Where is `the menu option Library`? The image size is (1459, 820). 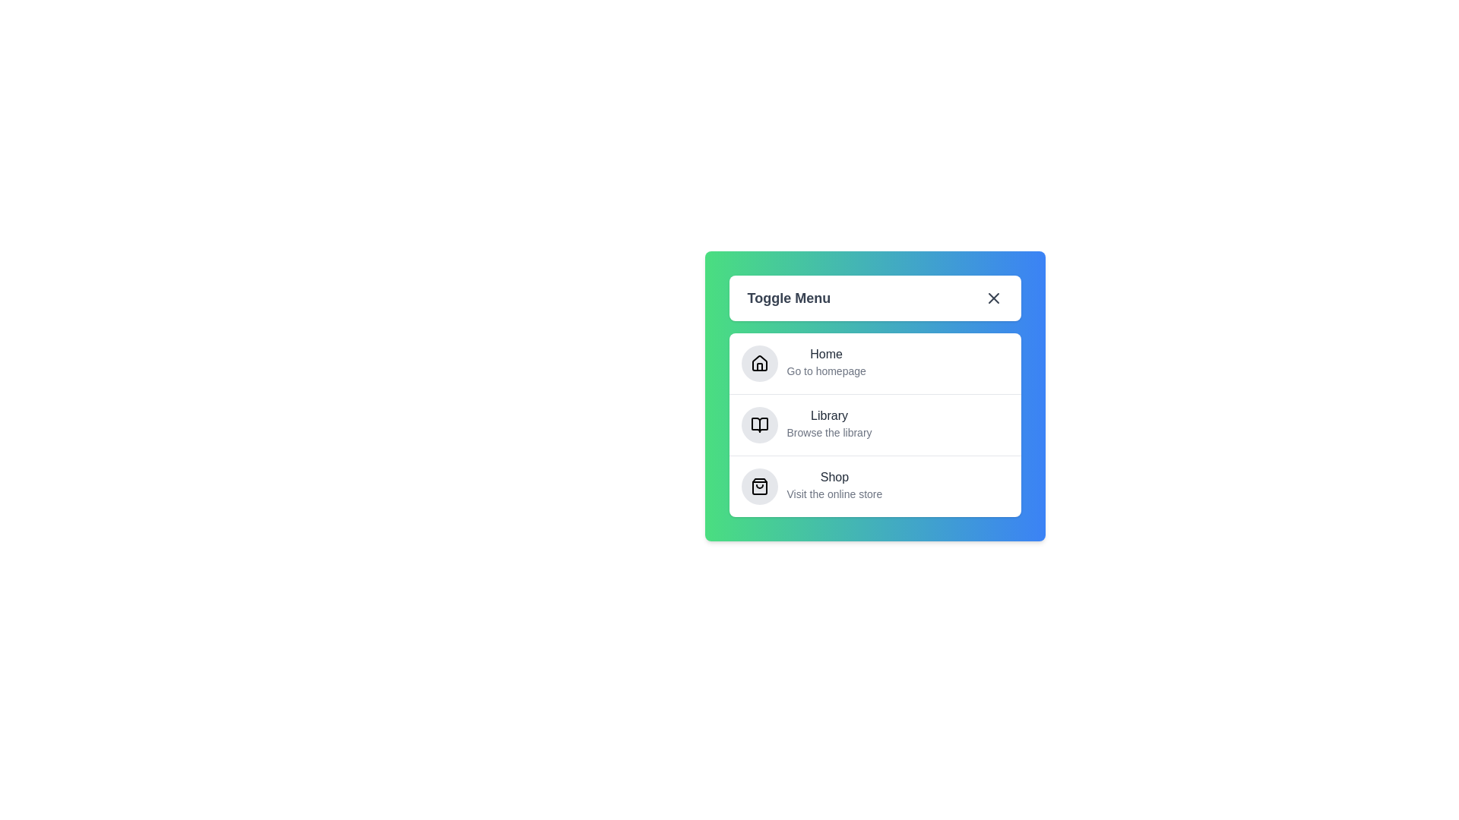
the menu option Library is located at coordinates (834, 418).